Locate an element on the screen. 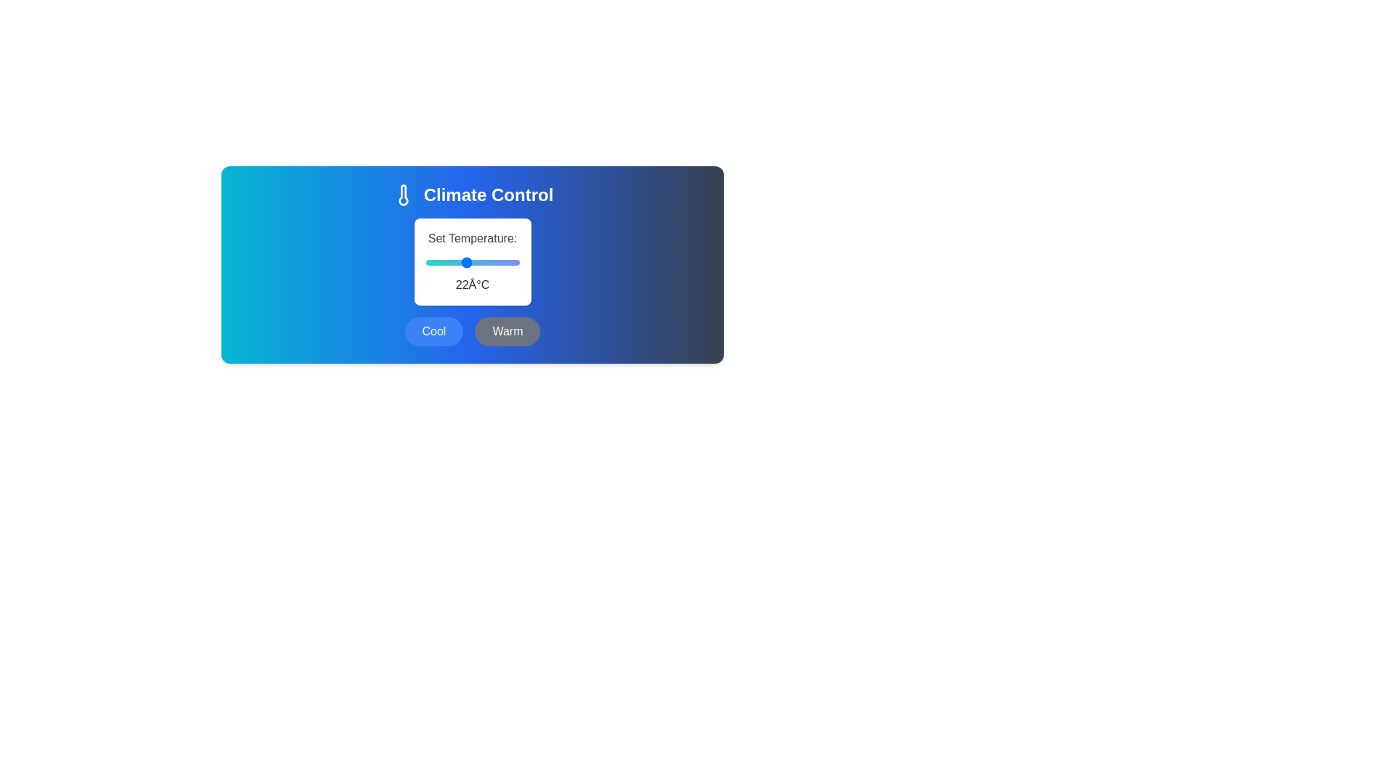  the temperature is located at coordinates (506, 263).